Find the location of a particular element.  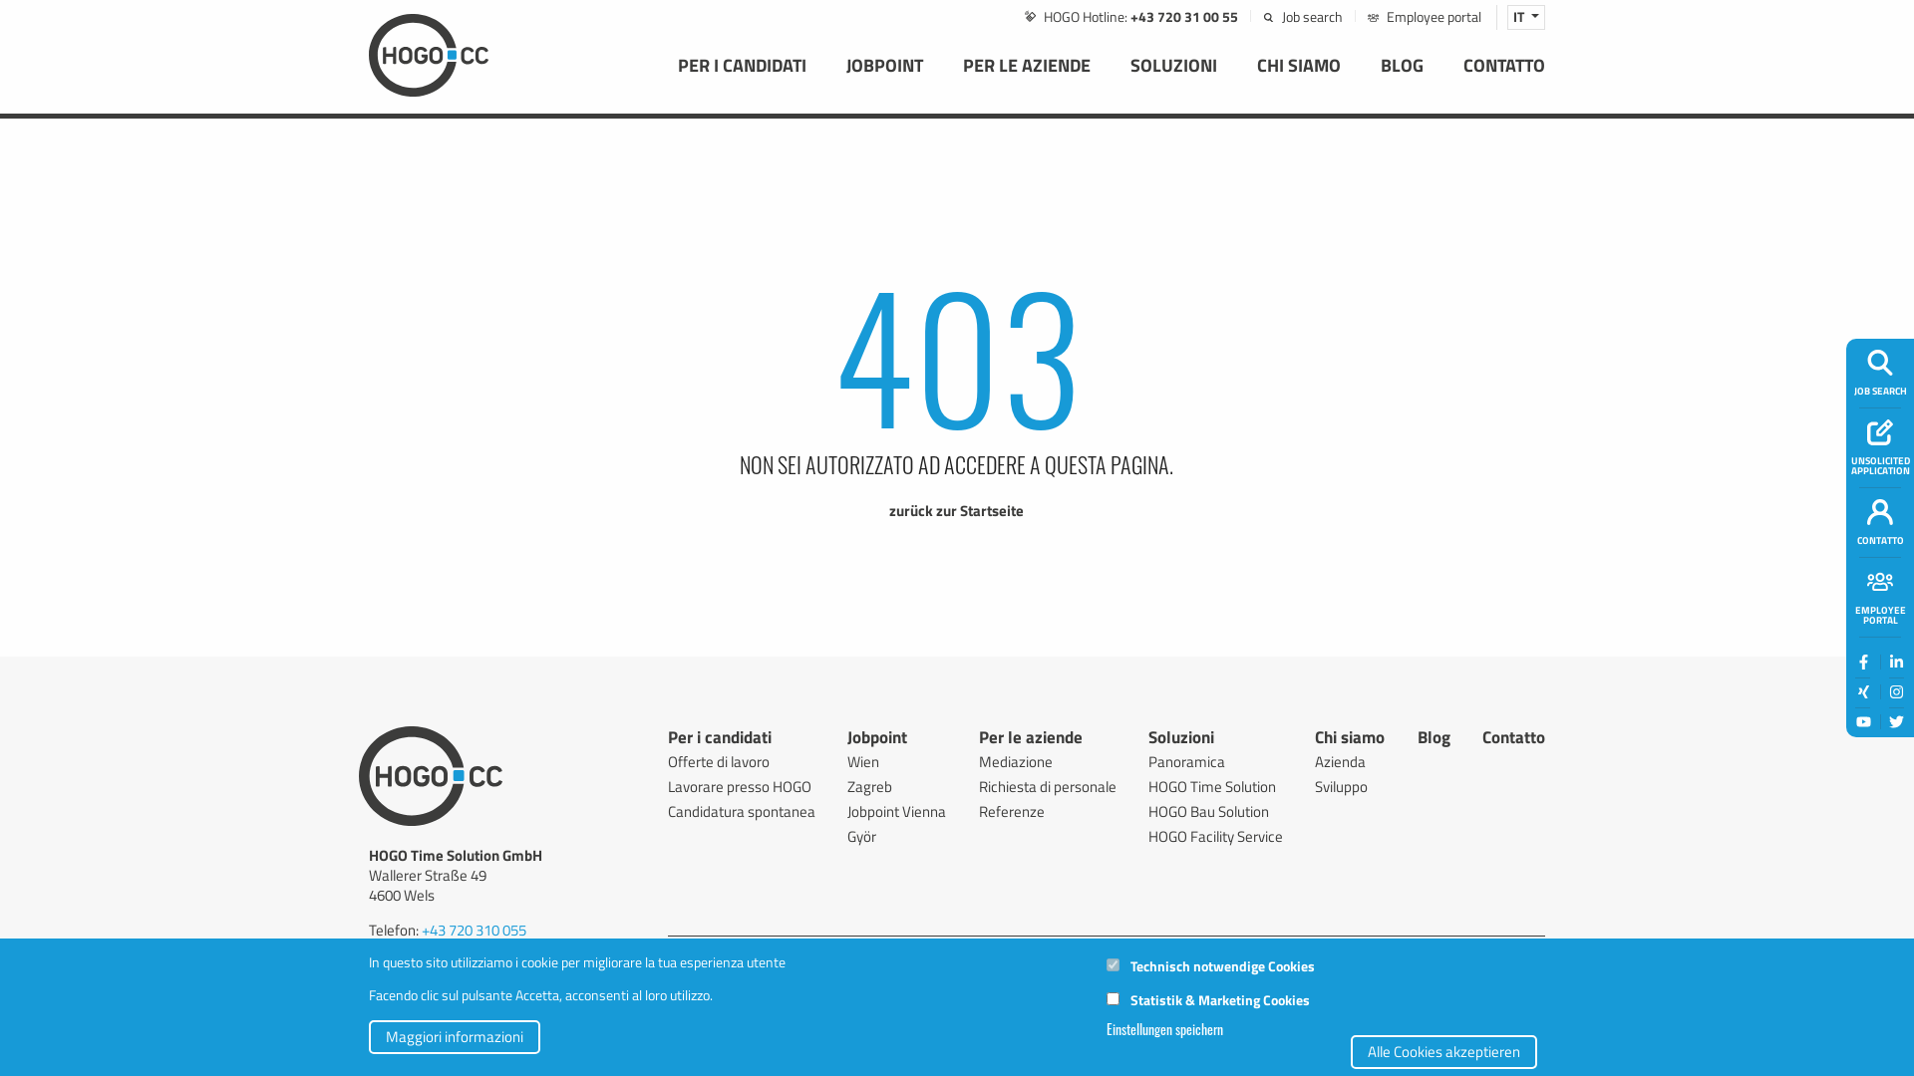

'Blog' is located at coordinates (1433, 740).